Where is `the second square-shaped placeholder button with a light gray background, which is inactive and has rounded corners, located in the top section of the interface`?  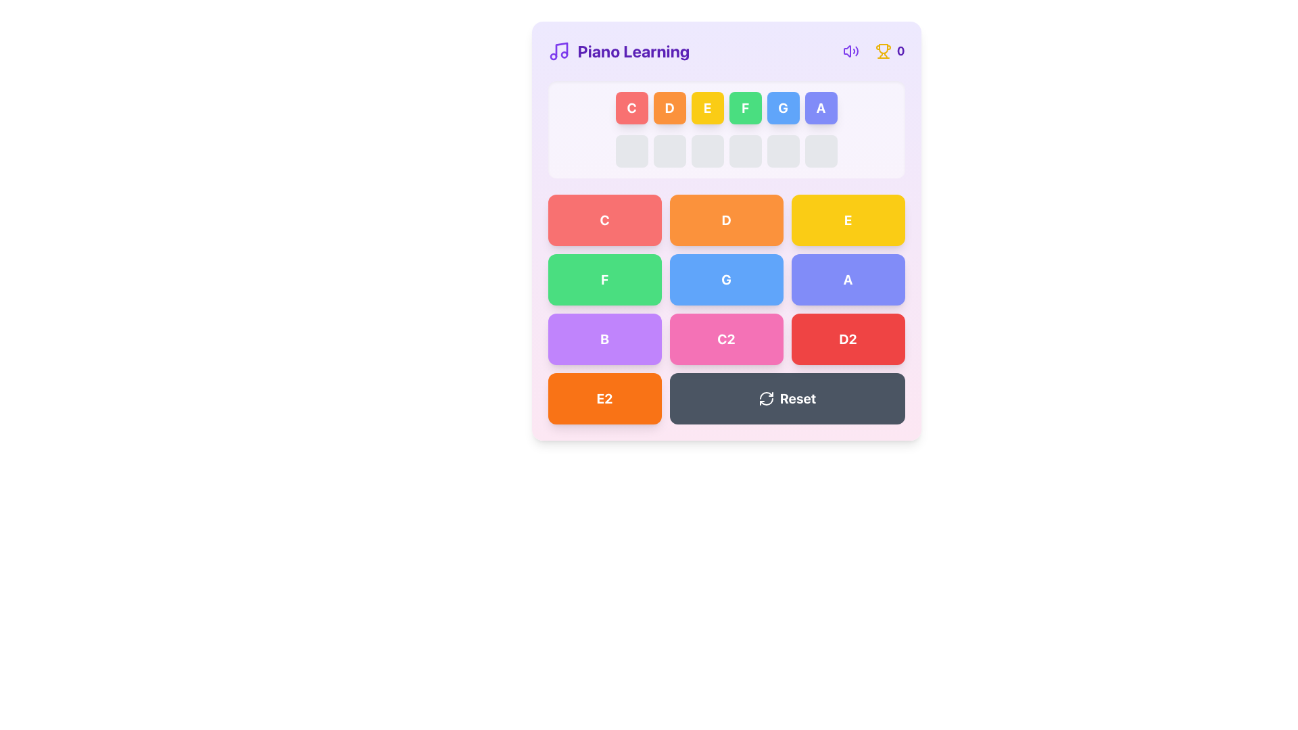
the second square-shaped placeholder button with a light gray background, which is inactive and has rounded corners, located in the top section of the interface is located at coordinates (669, 151).